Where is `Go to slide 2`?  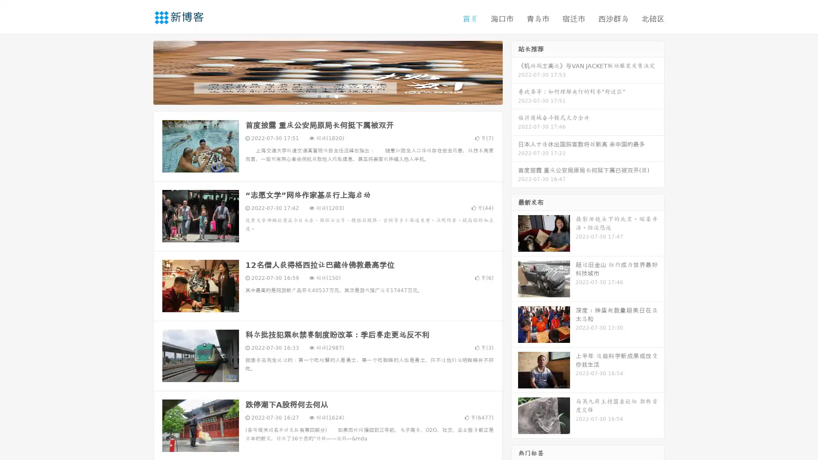
Go to slide 2 is located at coordinates (327, 96).